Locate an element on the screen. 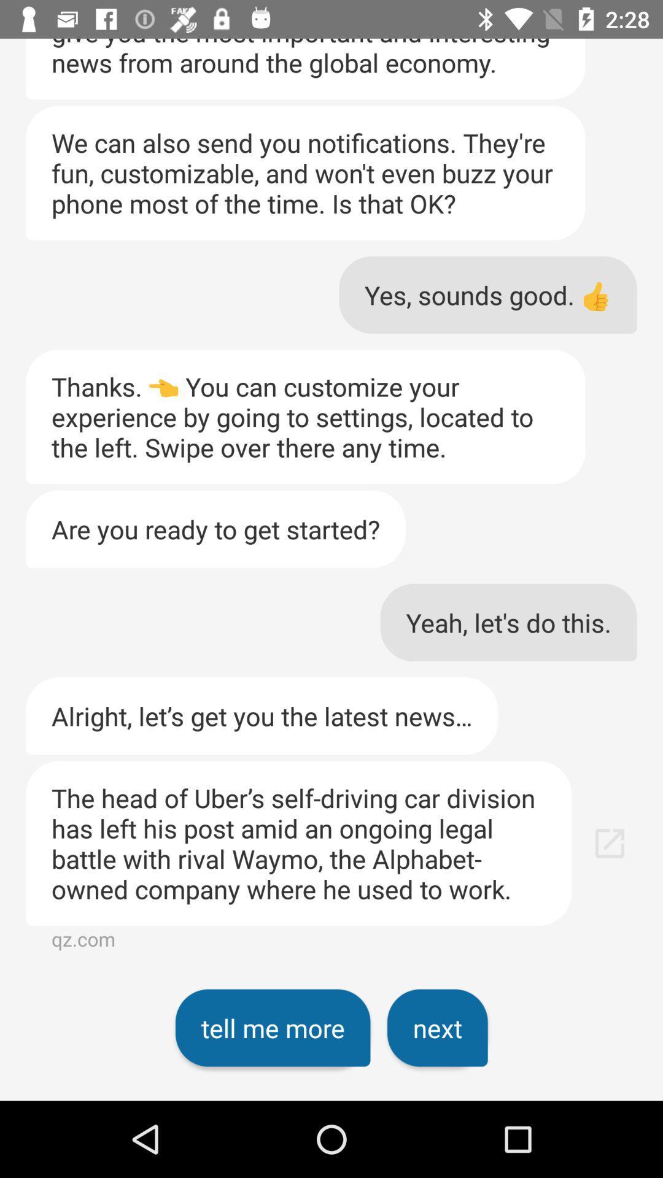 The image size is (663, 1178). the icon next to the next is located at coordinates (272, 1028).